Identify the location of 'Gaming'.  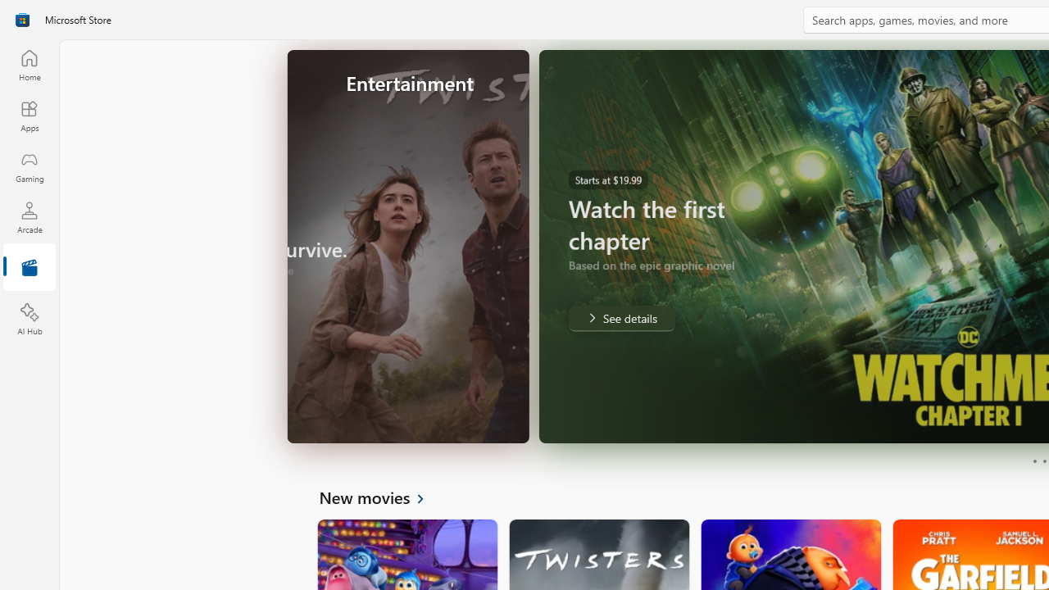
(29, 166).